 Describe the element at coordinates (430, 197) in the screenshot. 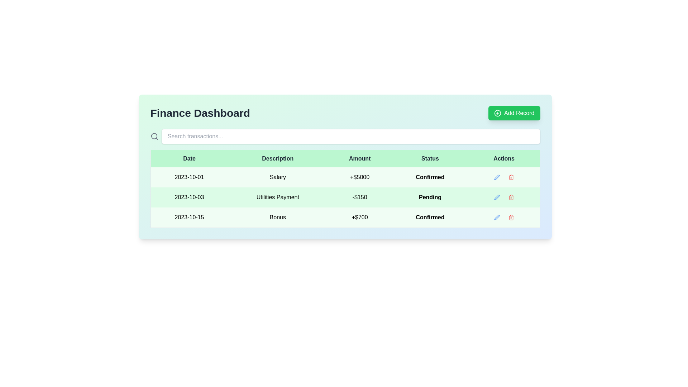

I see `the 'Pending' status text label in the 'Status' column of the 'Finance Dashboard' table, specifically in the second row for the 'Utilities Payment' transaction` at that location.